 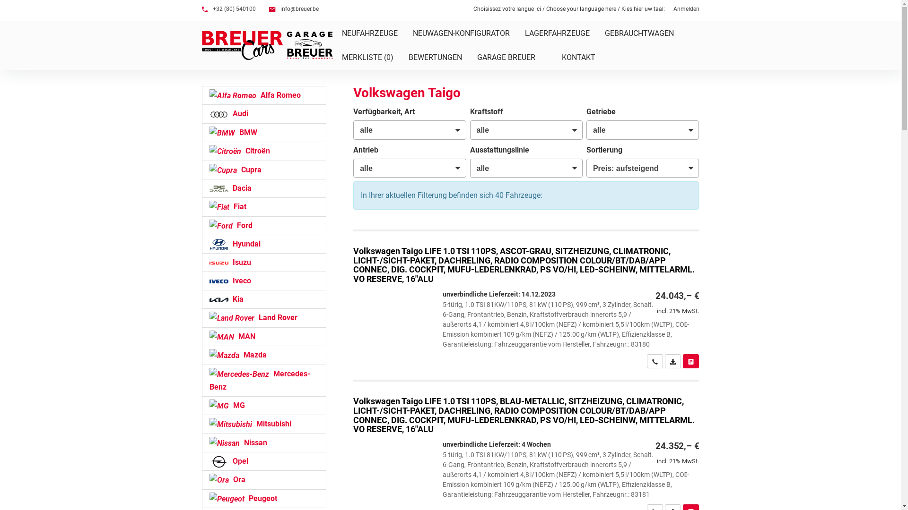 What do you see at coordinates (686, 9) in the screenshot?
I see `'Anmelden'` at bounding box center [686, 9].